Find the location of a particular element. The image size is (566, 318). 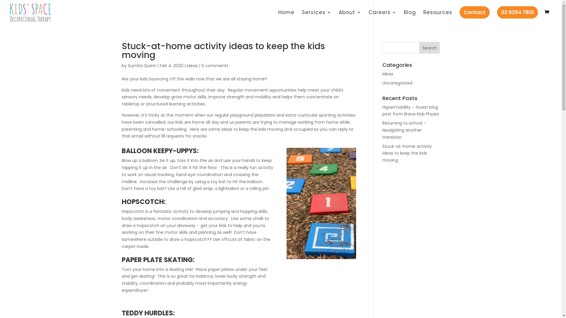

'Careers' is located at coordinates (382, 17).